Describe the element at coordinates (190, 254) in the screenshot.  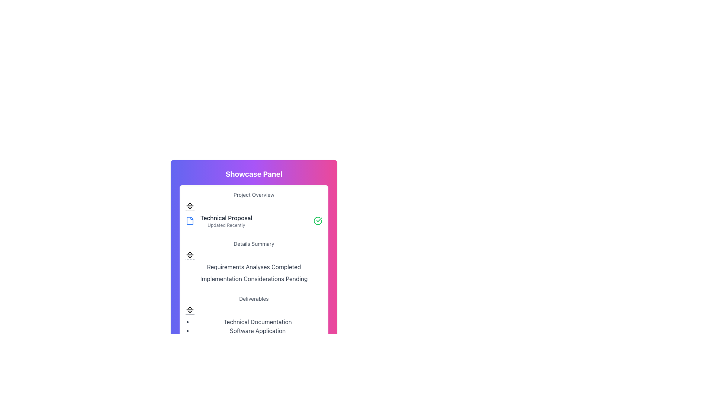
I see `the horizontal separator icon with a dotted line and chevron symbols located between the sections 'Details Summary' and 'Requirements Analyses Completed Implementation Considerations Pending'` at that location.